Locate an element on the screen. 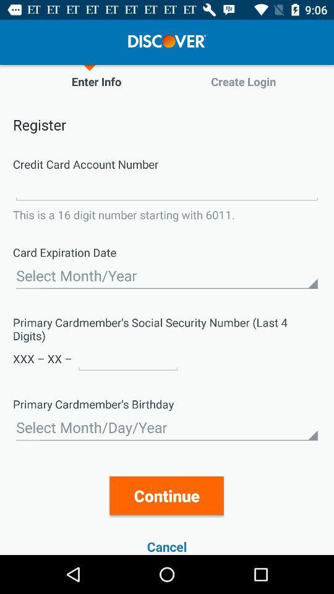 Image resolution: width=334 pixels, height=594 pixels. the cancel item is located at coordinates (167, 546).